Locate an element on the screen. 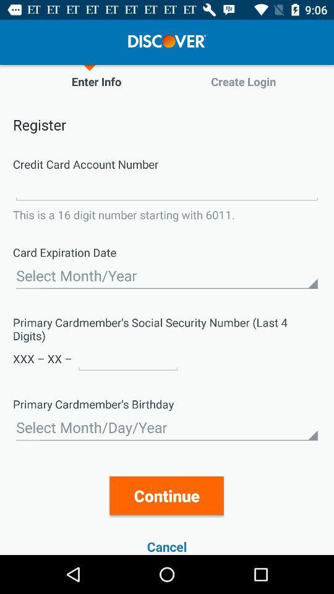 Image resolution: width=334 pixels, height=594 pixels. the cancel item is located at coordinates (167, 546).